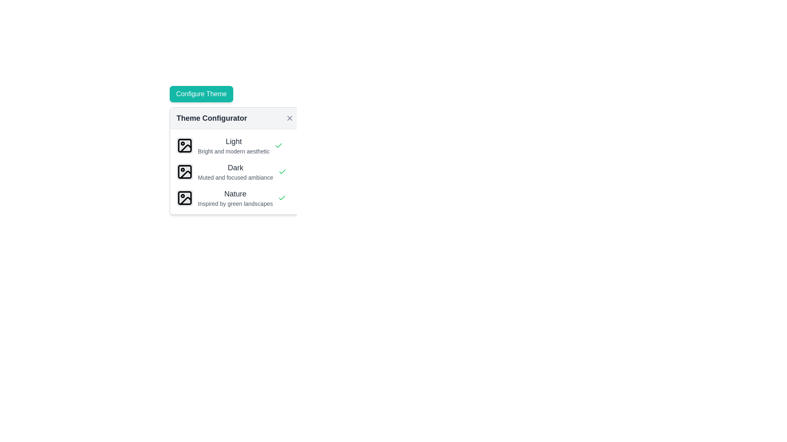 The width and height of the screenshot is (787, 442). What do you see at coordinates (184, 145) in the screenshot?
I see `the 'Light' theme icon in the 'Theme Configurator' section, which visually represents the light theme option and is located next to the label text 'Light'` at bounding box center [184, 145].